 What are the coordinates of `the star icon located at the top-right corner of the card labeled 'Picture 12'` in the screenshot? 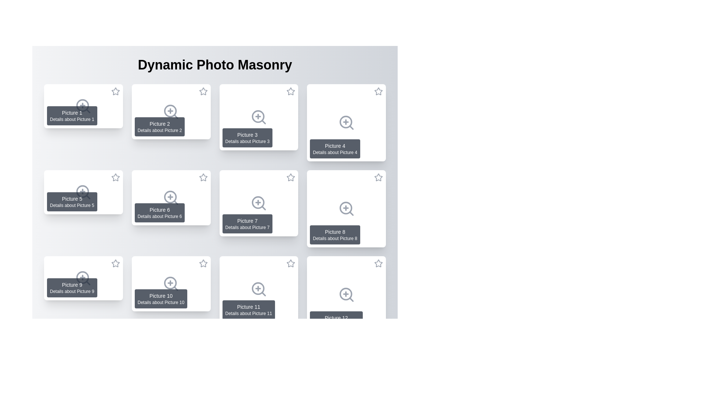 It's located at (378, 263).